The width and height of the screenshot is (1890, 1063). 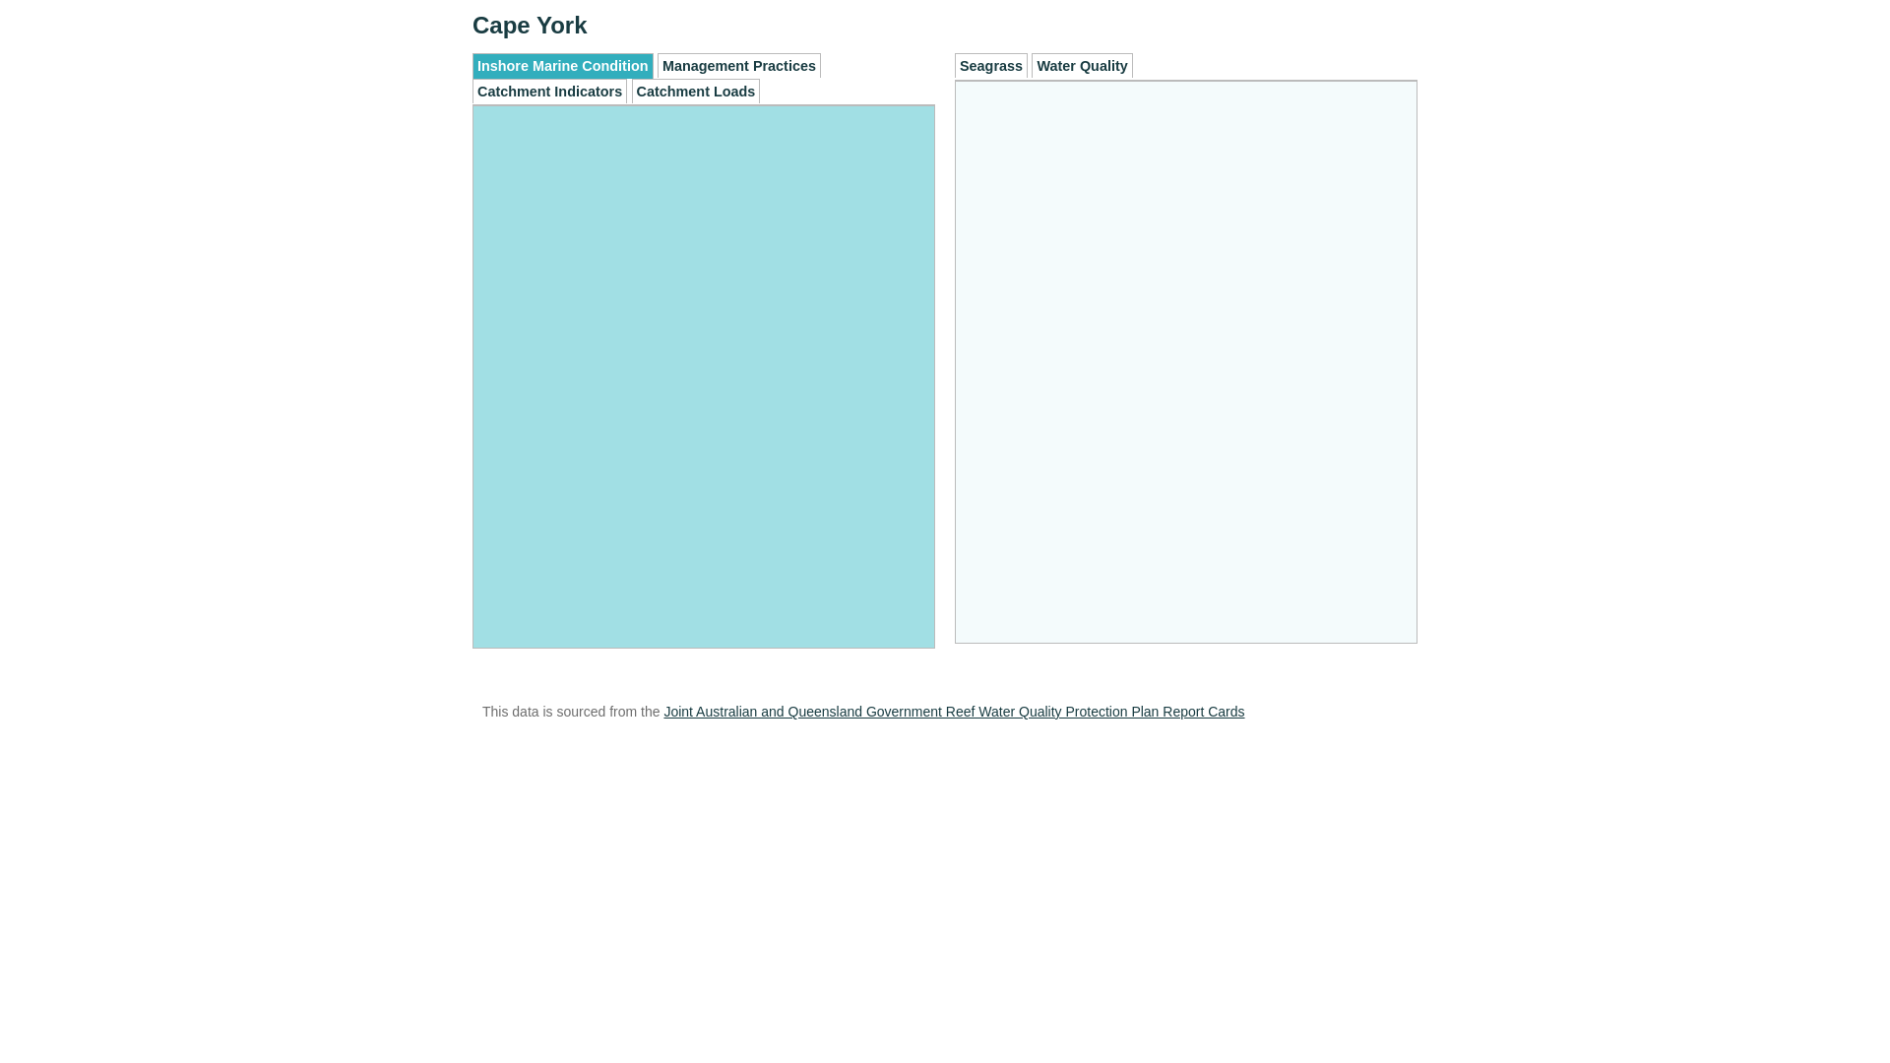 What do you see at coordinates (991, 64) in the screenshot?
I see `'Seagrass'` at bounding box center [991, 64].